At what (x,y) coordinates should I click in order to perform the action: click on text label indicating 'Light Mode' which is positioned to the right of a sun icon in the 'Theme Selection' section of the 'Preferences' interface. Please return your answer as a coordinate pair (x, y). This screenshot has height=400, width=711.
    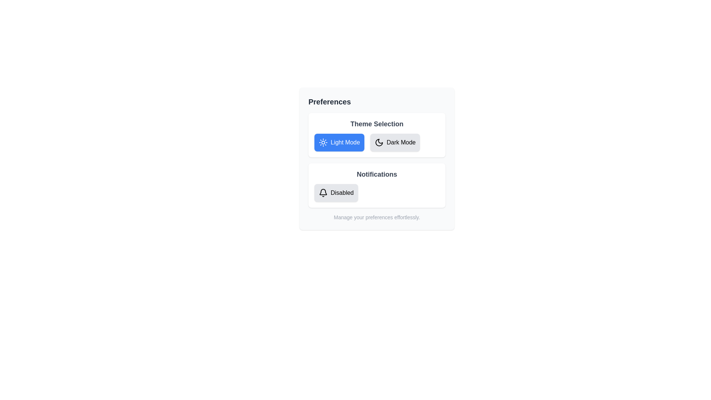
    Looking at the image, I should click on (345, 143).